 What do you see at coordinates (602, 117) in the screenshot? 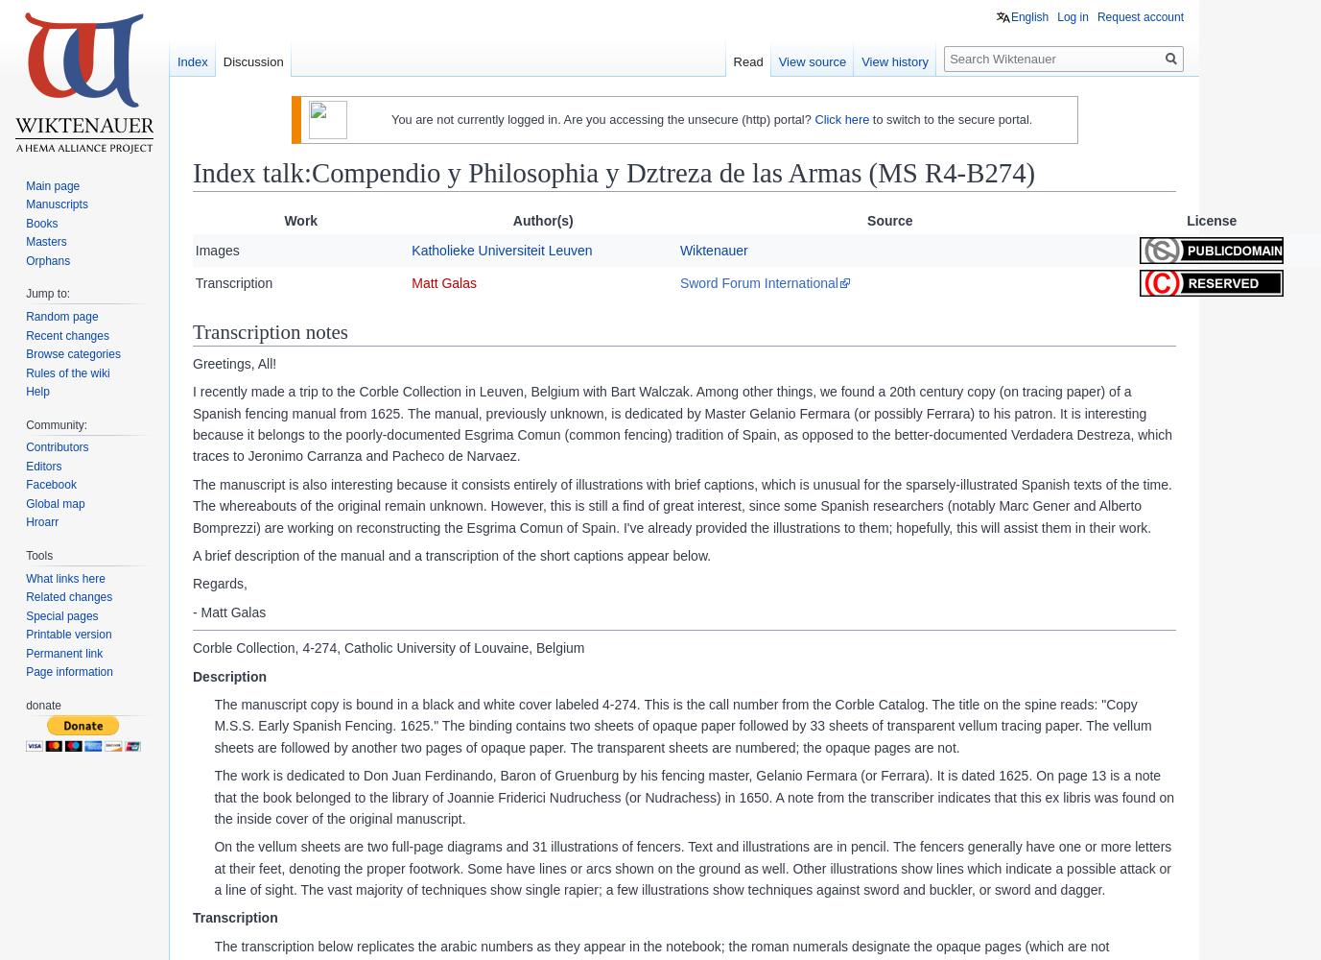
I see `'You are not currently logged in. Are you accessing the unsecure (http) portal?'` at bounding box center [602, 117].